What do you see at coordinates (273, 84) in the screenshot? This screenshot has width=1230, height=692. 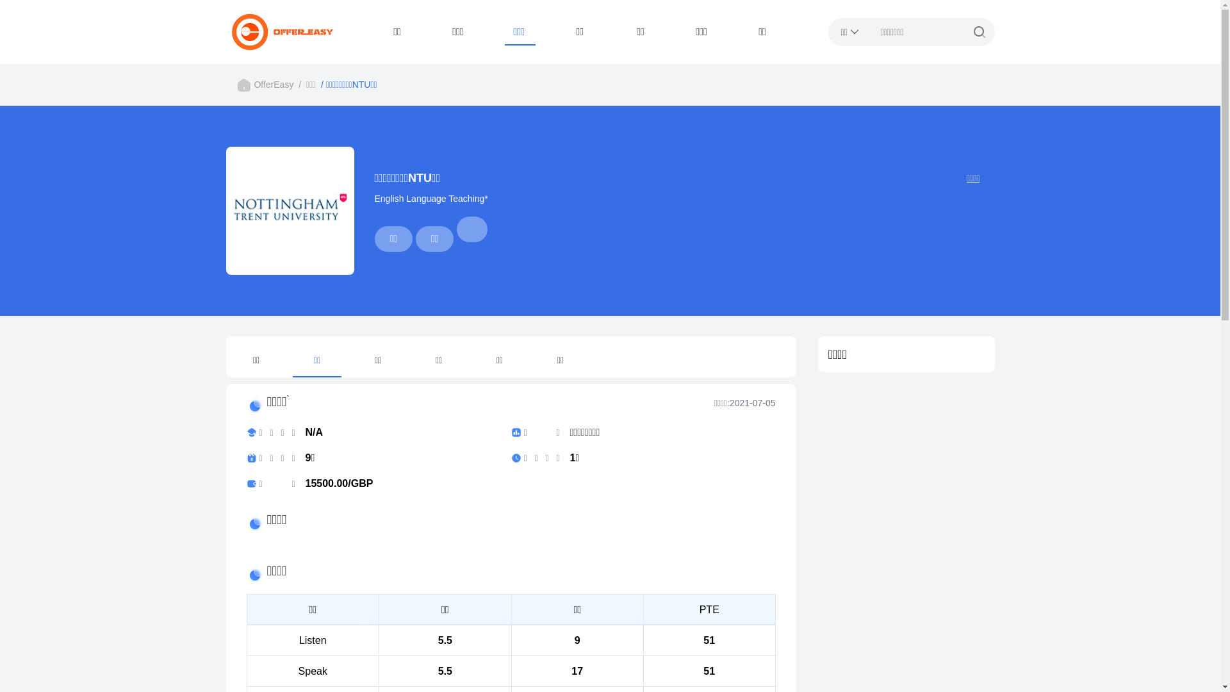 I see `'OfferEasy'` at bounding box center [273, 84].